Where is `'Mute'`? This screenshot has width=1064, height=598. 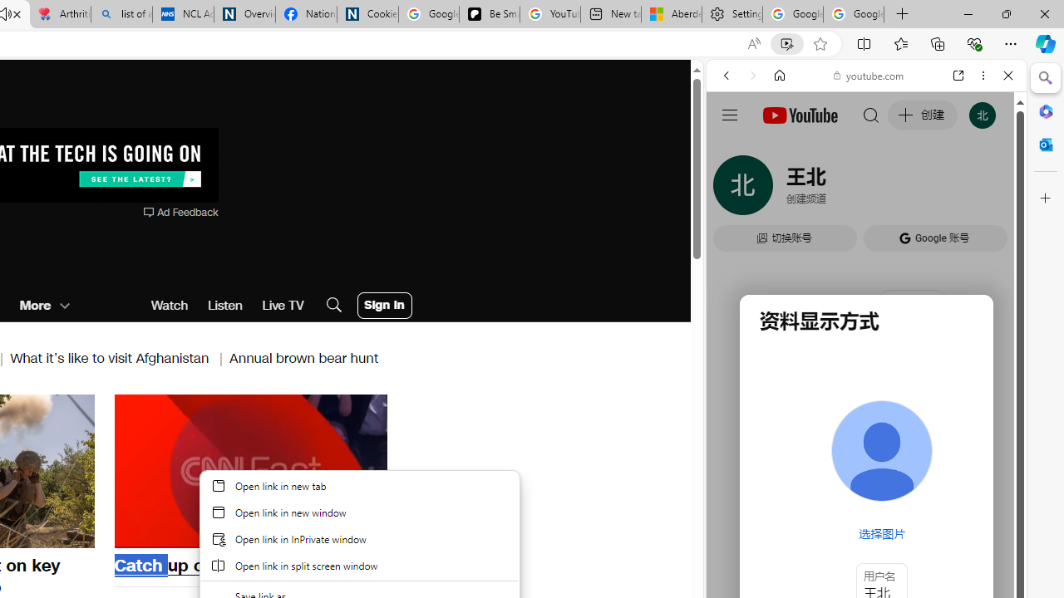
'Mute' is located at coordinates (136, 534).